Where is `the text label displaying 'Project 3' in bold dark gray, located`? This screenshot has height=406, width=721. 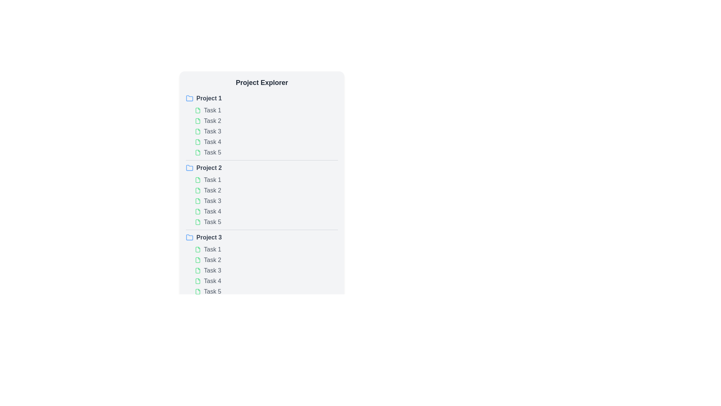 the text label displaying 'Project 3' in bold dark gray, located is located at coordinates (209, 238).